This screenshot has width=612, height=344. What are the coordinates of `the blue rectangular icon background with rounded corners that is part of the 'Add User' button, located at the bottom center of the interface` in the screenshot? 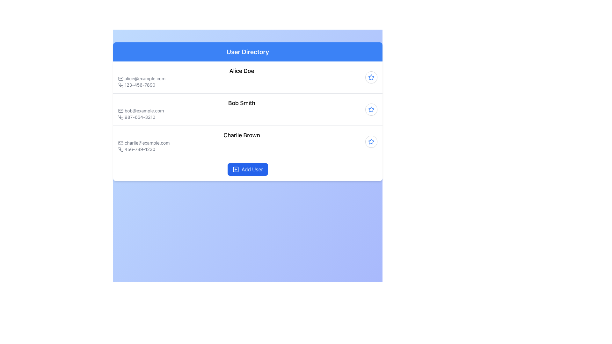 It's located at (235, 169).